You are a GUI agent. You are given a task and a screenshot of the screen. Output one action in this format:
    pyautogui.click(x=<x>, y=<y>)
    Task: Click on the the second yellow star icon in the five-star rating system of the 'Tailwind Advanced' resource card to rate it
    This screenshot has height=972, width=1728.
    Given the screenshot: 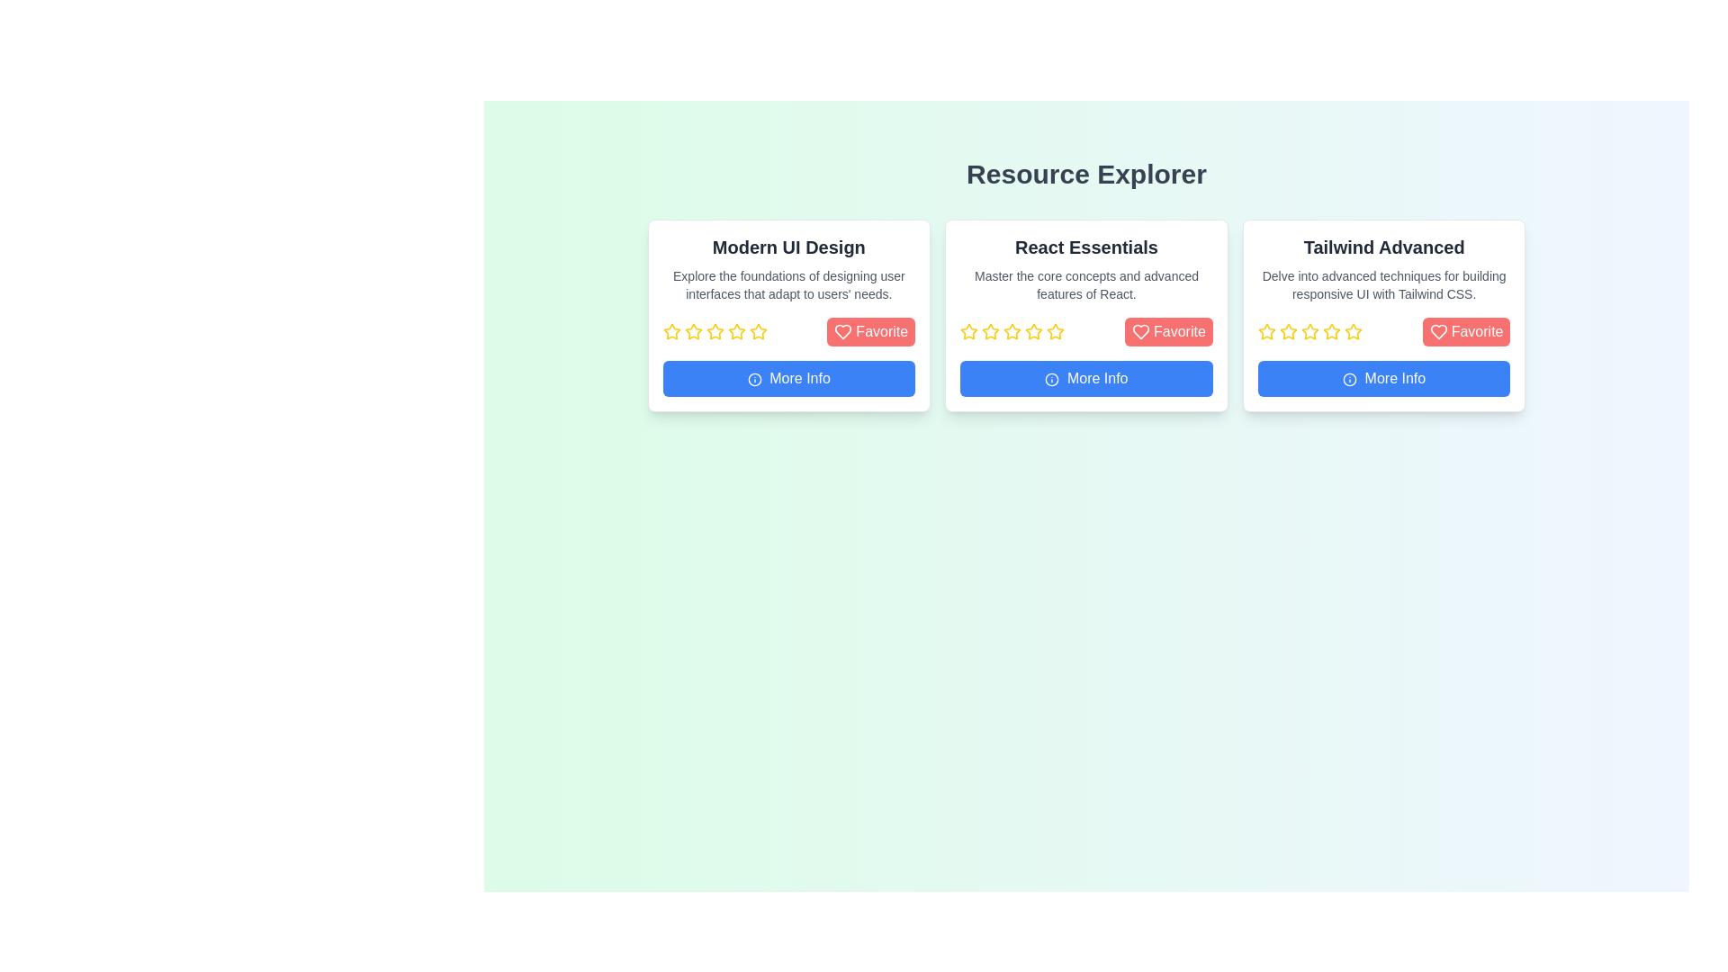 What is the action you would take?
    pyautogui.click(x=1331, y=331)
    